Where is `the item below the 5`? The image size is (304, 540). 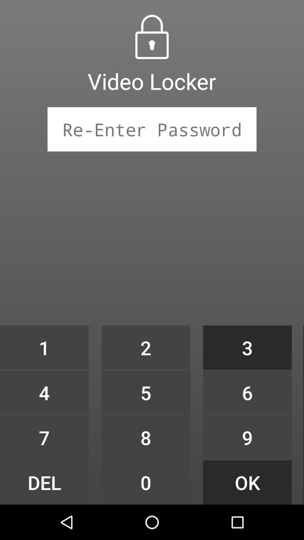 the item below the 5 is located at coordinates (146, 437).